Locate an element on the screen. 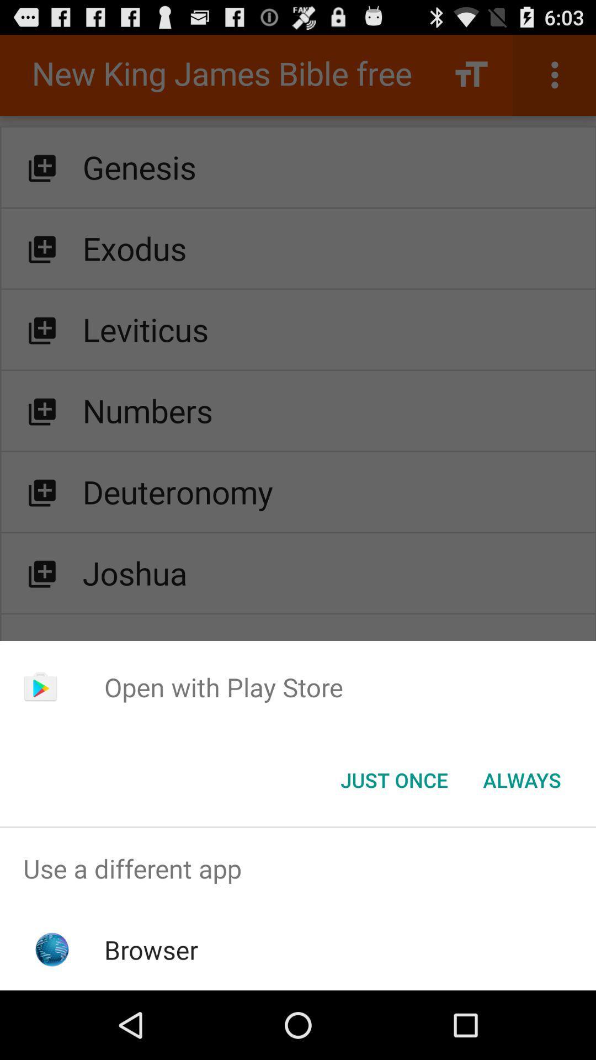  always item is located at coordinates (521, 779).